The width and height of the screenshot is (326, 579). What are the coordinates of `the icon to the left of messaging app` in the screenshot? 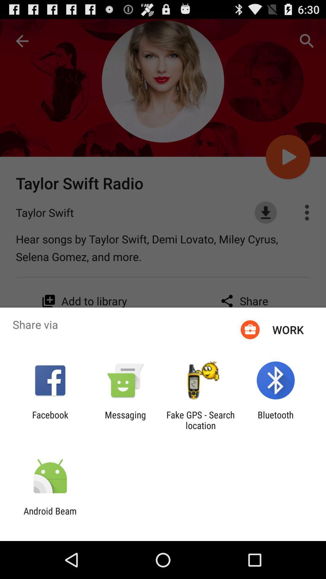 It's located at (50, 420).